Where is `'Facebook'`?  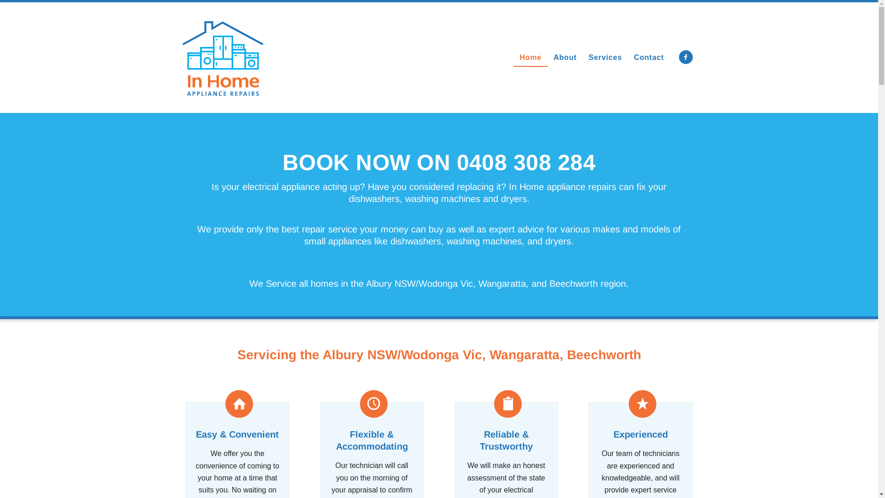 'Facebook' is located at coordinates (678, 57).